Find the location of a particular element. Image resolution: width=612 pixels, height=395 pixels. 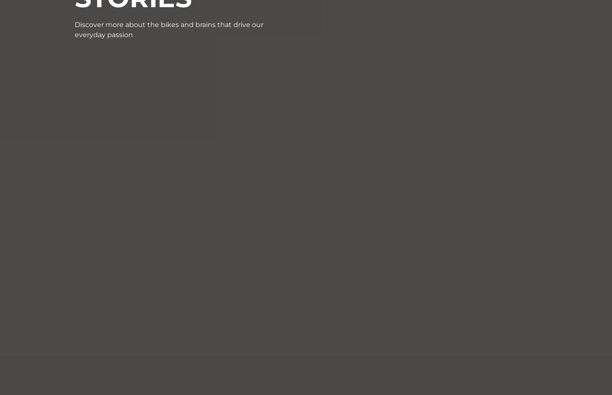

'Devinci Global Racing' is located at coordinates (254, 285).